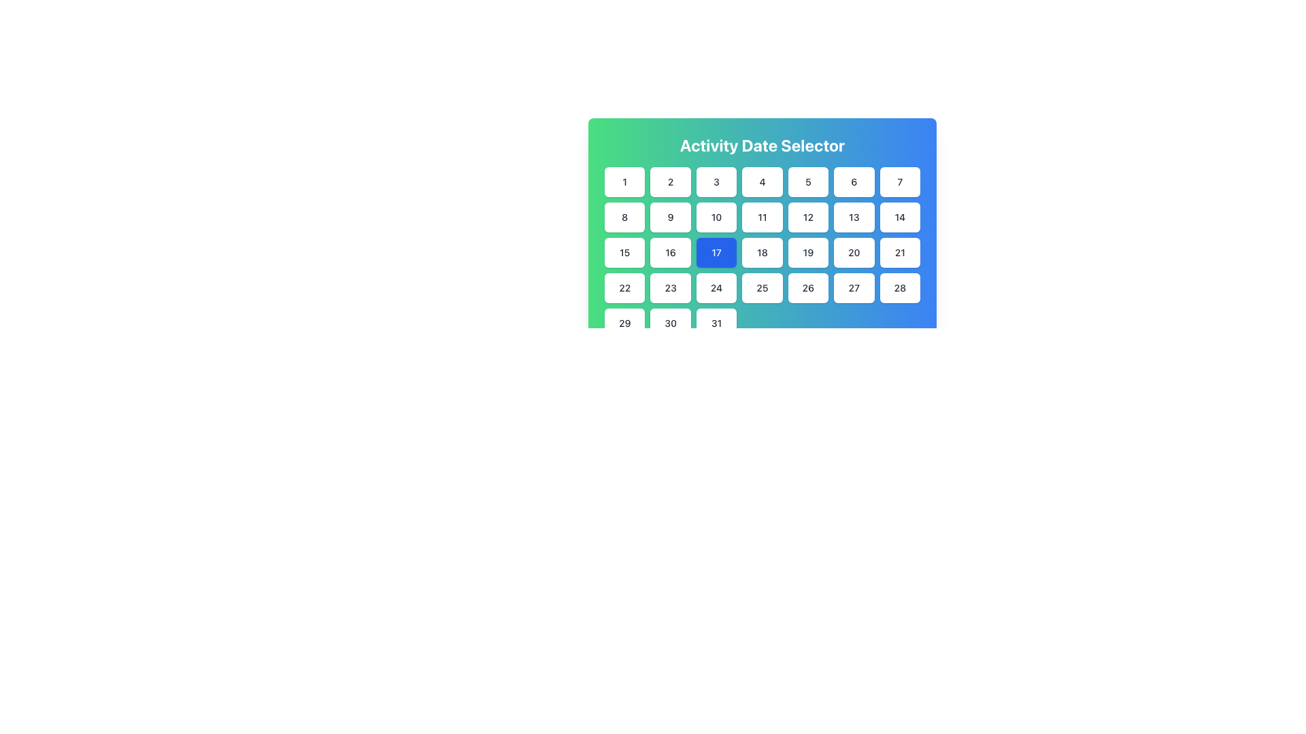 This screenshot has height=734, width=1306. What do you see at coordinates (853, 287) in the screenshot?
I see `the button labeled '27', which is a rounded square with a white background located in the fourth row and sixth column of the calendar grid under 'Activity Date Selector'` at bounding box center [853, 287].